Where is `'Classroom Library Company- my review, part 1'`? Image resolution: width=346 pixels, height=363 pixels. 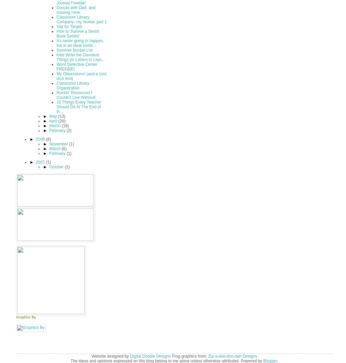
'Classroom Library Company- my review, part 1' is located at coordinates (81, 19).